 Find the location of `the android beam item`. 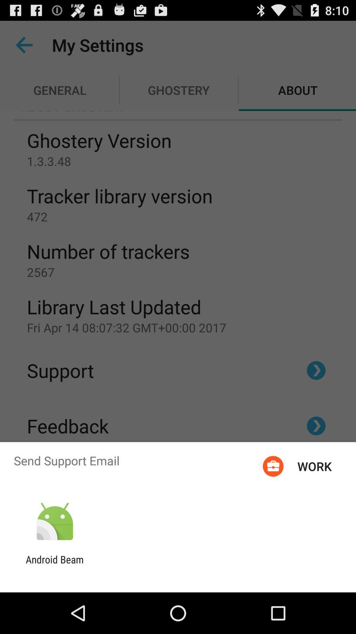

the android beam item is located at coordinates (54, 565).